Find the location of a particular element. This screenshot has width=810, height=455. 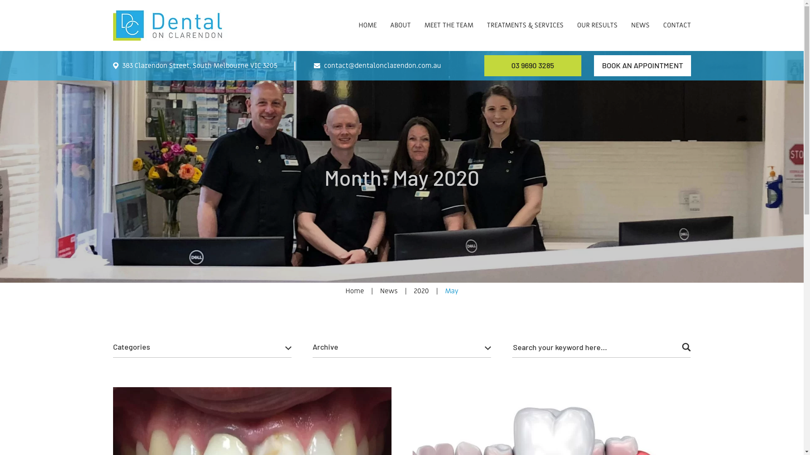

'03 9690 3285' is located at coordinates (532, 65).